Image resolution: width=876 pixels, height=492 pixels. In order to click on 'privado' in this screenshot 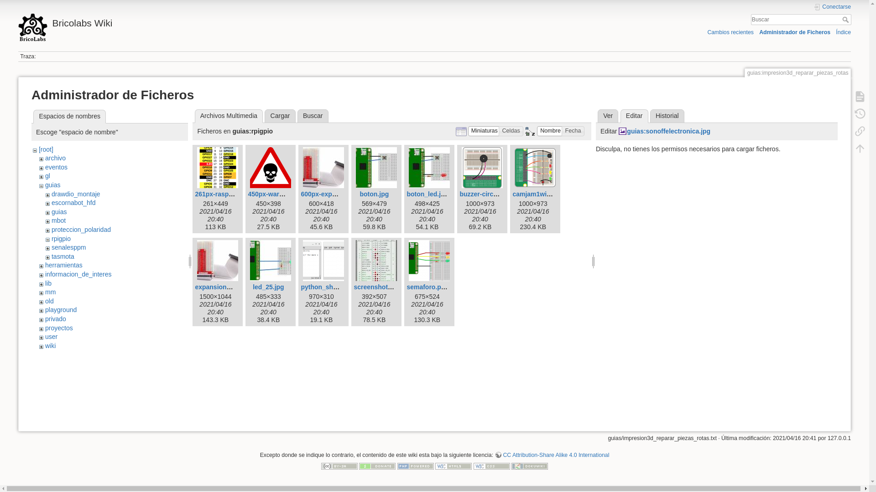, I will do `click(55, 318)`.